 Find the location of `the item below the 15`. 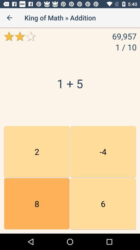

the item below the 15 is located at coordinates (37, 204).